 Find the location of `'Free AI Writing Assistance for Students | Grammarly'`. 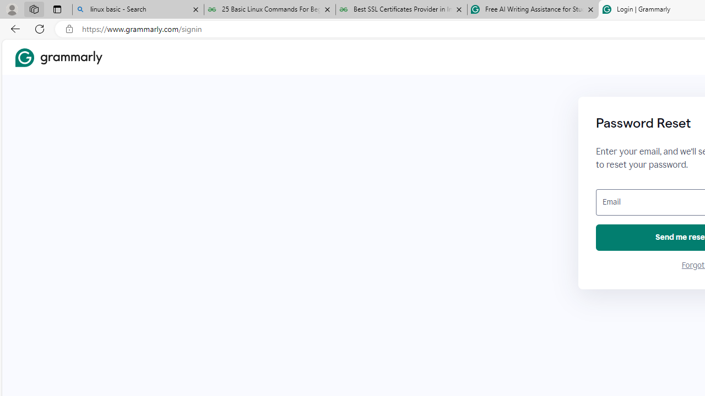

'Free AI Writing Assistance for Students | Grammarly' is located at coordinates (533, 9).